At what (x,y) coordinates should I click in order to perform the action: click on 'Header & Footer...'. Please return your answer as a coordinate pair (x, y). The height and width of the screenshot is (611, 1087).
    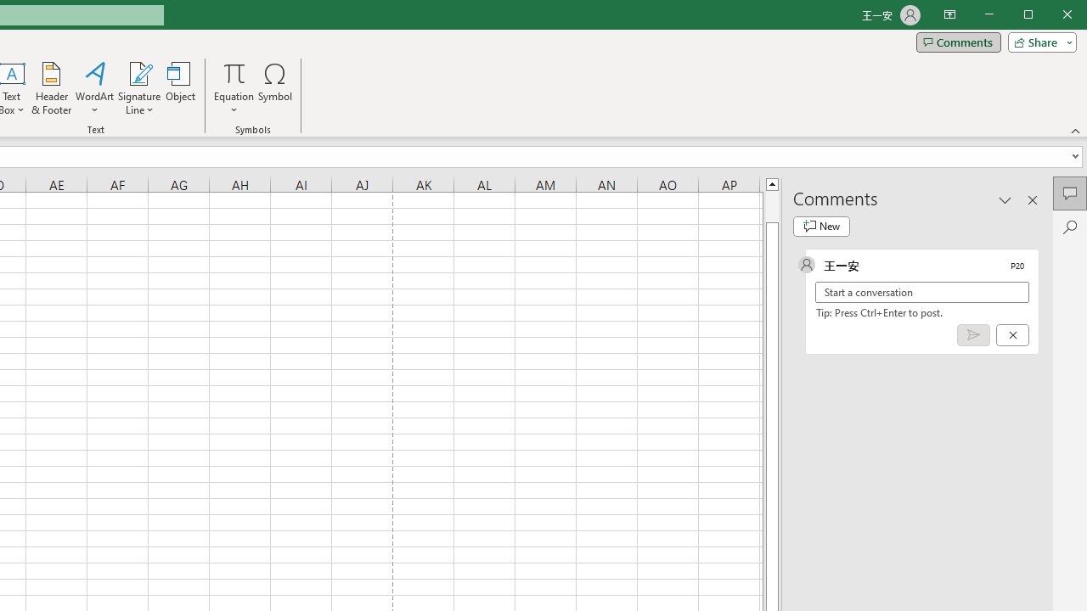
    Looking at the image, I should click on (51, 88).